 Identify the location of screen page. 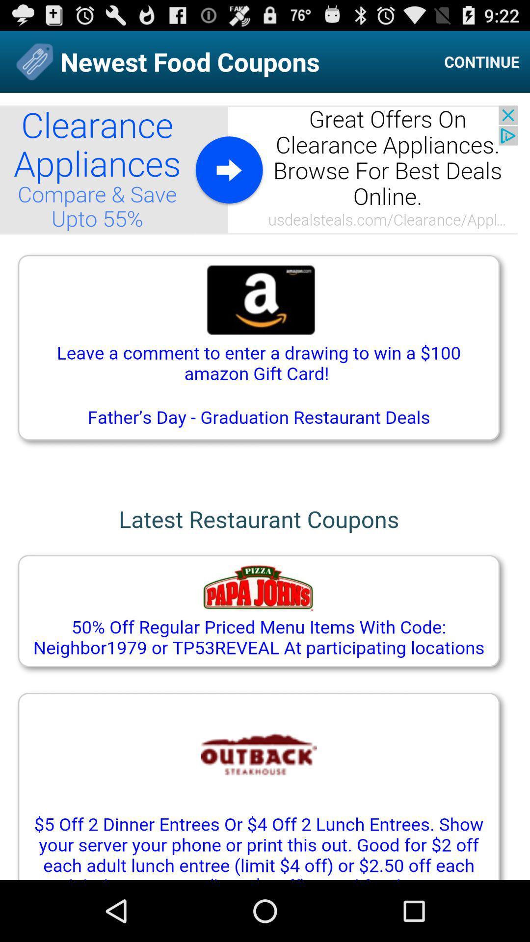
(265, 486).